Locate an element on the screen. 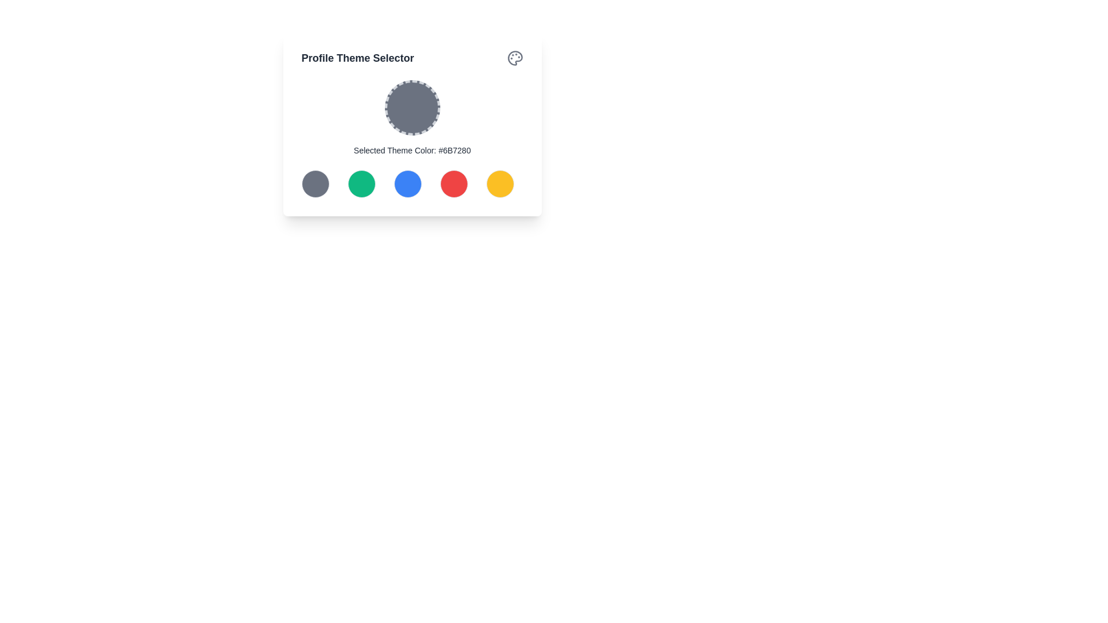 This screenshot has height=623, width=1108. the Header Bar located at the top of the modal, which serves as the title for the theme selection section is located at coordinates (412, 58).